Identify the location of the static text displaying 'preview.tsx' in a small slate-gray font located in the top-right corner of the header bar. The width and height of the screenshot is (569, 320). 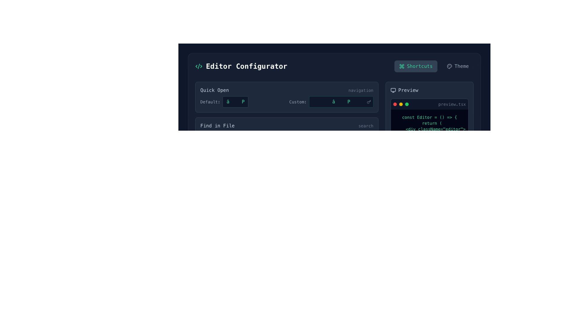
(452, 104).